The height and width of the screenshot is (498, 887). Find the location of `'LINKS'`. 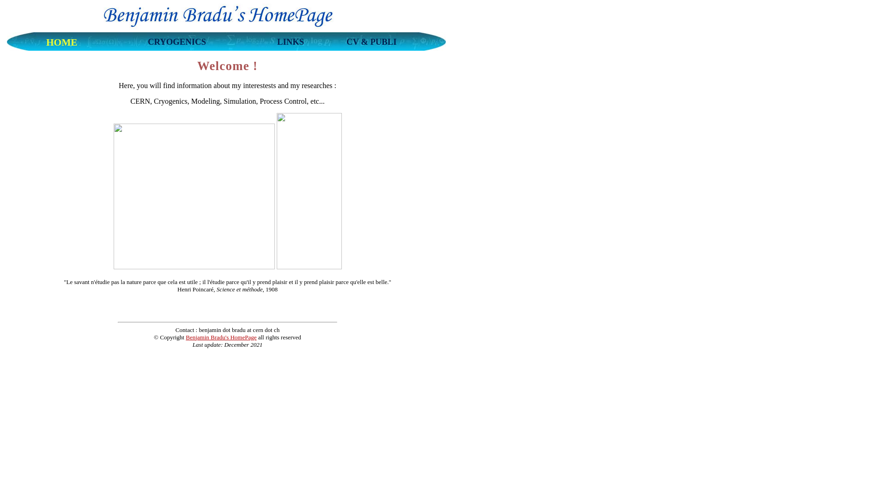

'LINKS' is located at coordinates (290, 44).